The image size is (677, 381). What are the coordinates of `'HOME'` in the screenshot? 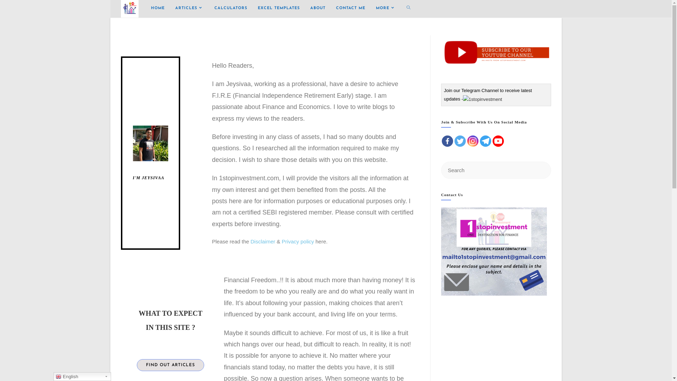 It's located at (157, 8).